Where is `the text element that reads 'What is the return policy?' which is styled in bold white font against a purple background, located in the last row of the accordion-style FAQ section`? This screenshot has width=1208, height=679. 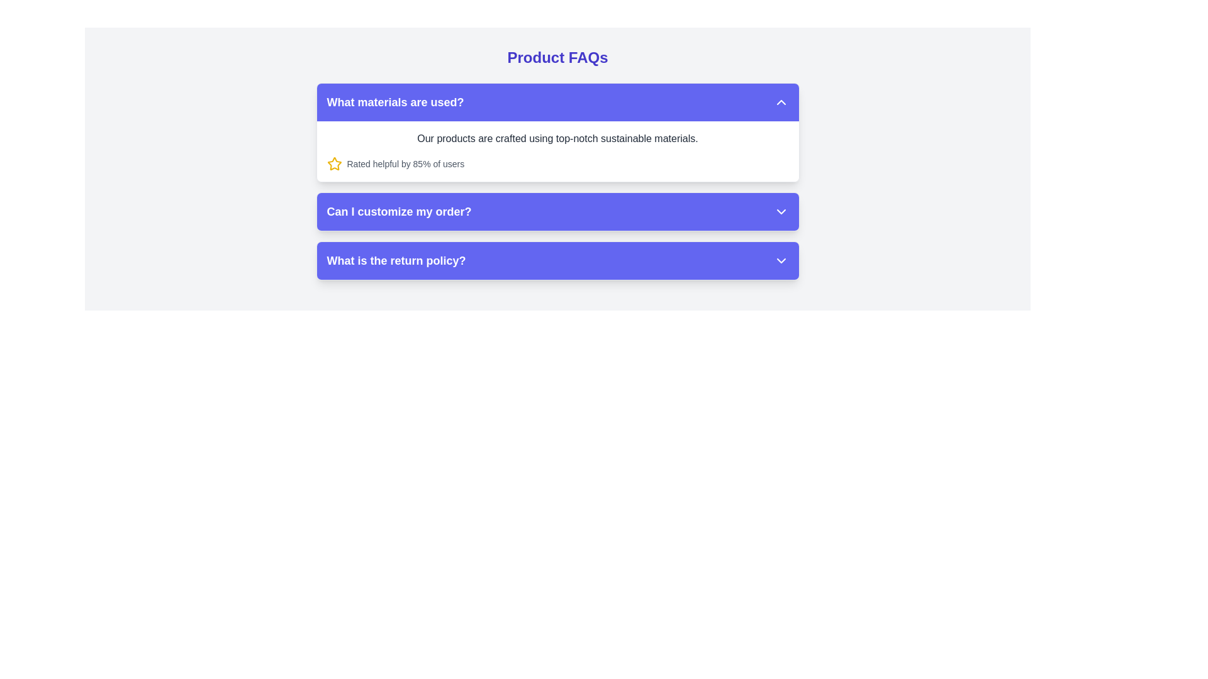 the text element that reads 'What is the return policy?' which is styled in bold white font against a purple background, located in the last row of the accordion-style FAQ section is located at coordinates (395, 260).